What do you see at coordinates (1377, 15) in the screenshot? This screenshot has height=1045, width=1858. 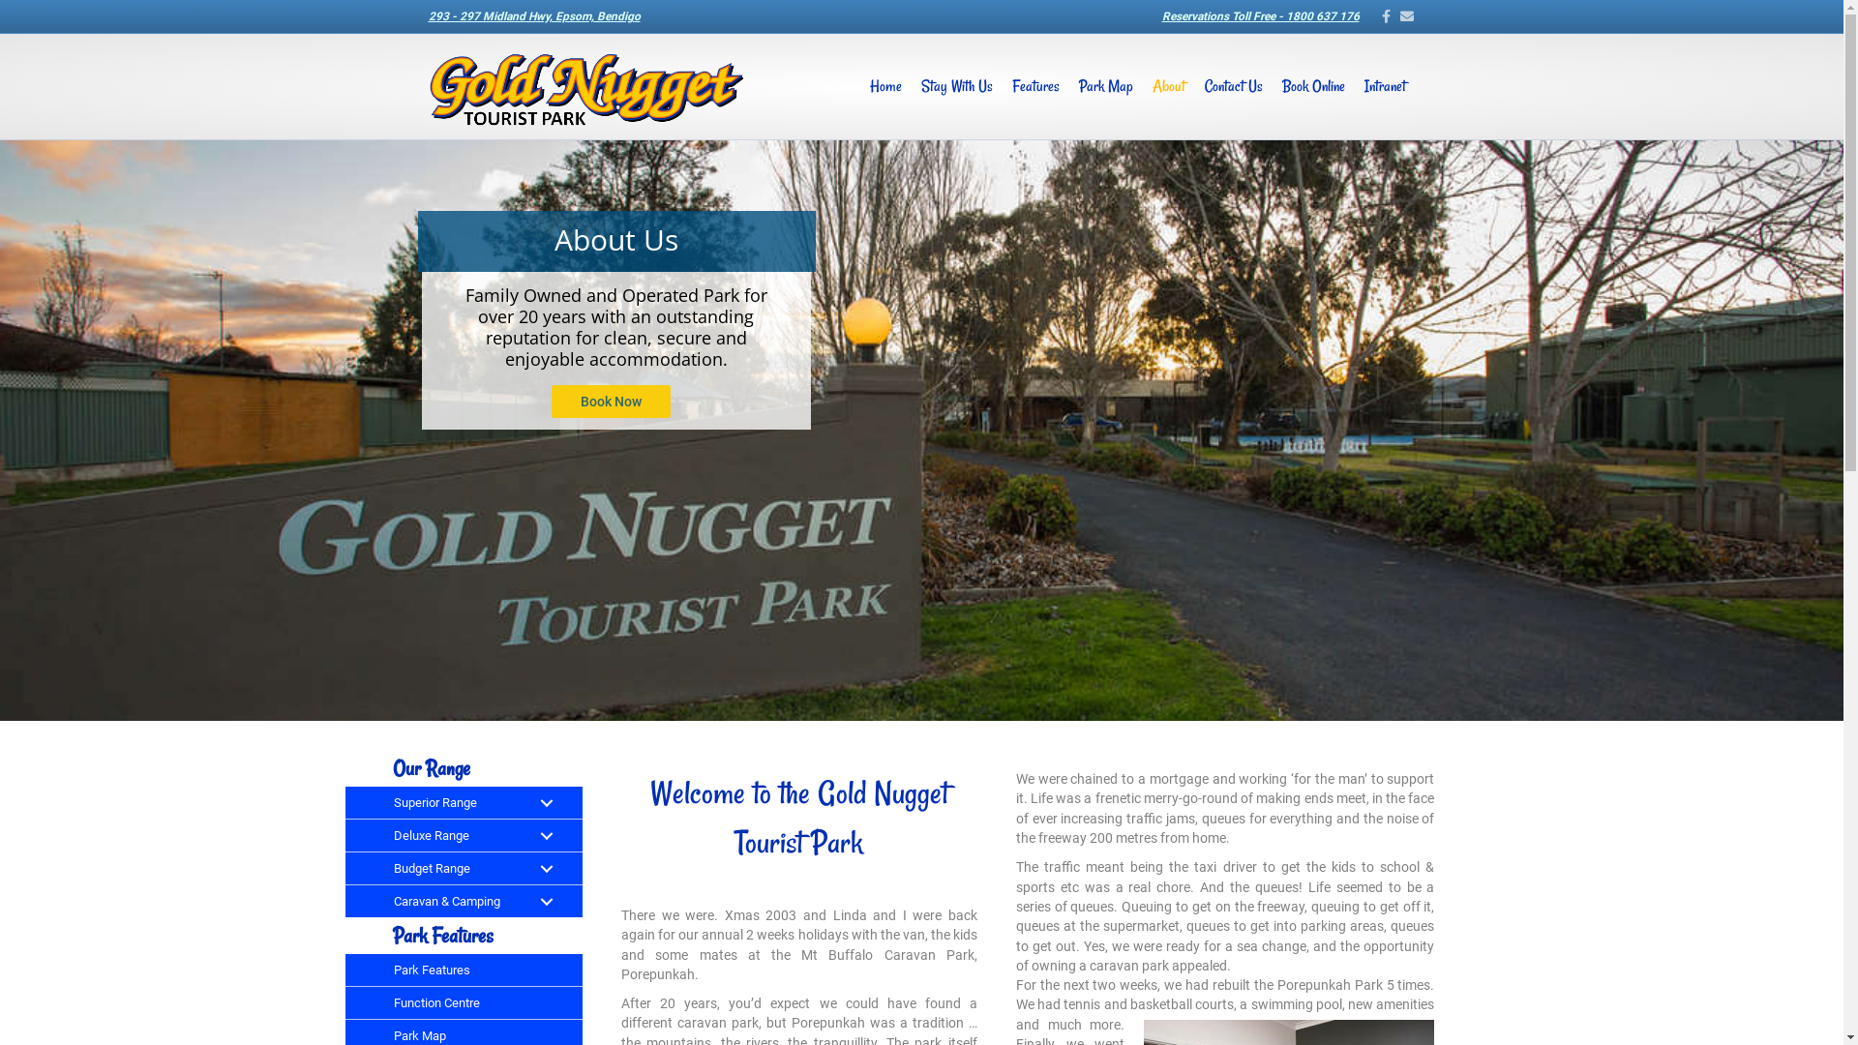 I see `'Facebook'` at bounding box center [1377, 15].